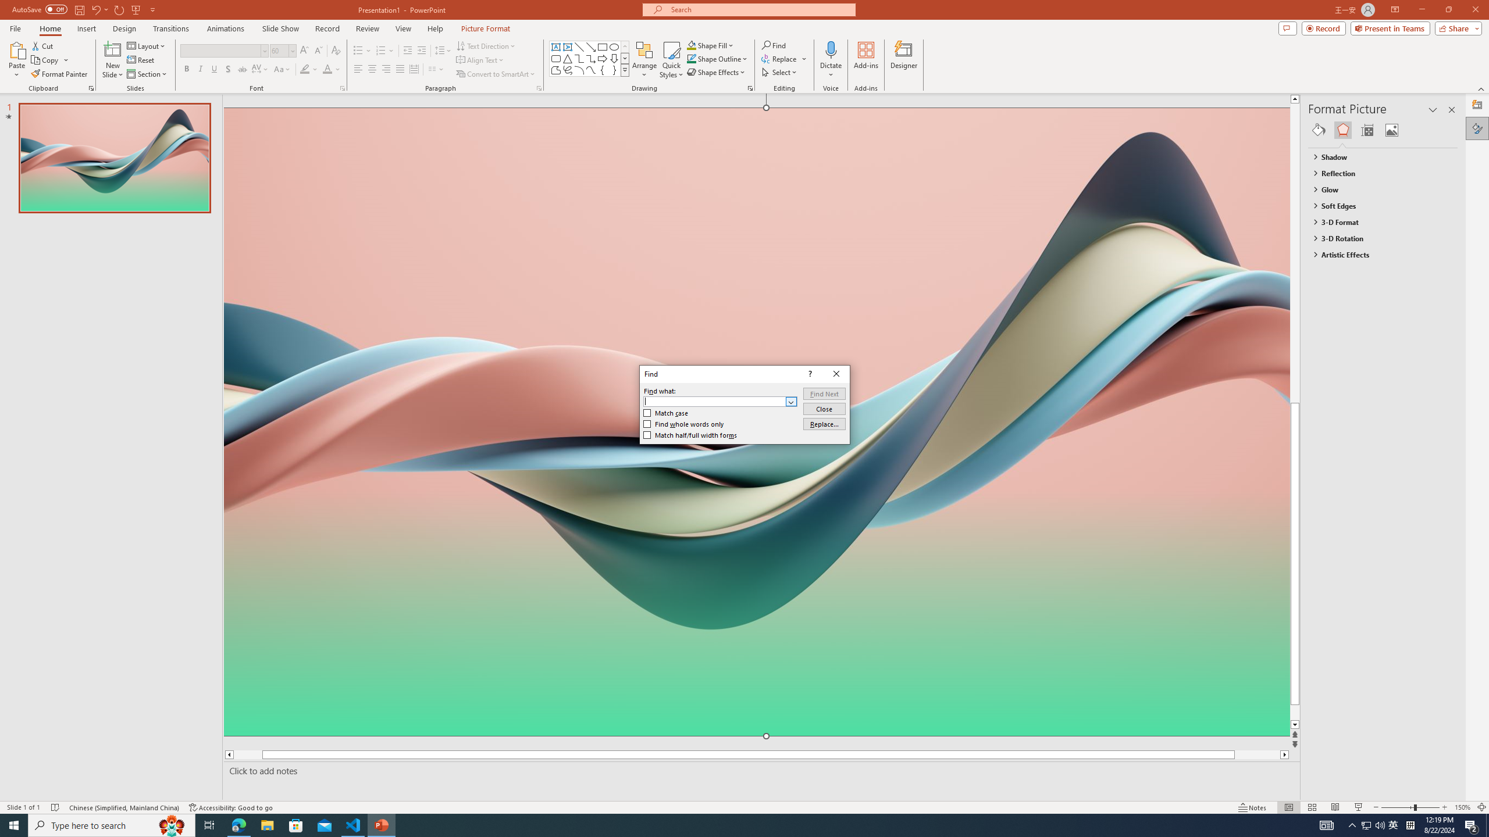 This screenshot has width=1489, height=837. I want to click on 'Artistic Effects', so click(1377, 253).